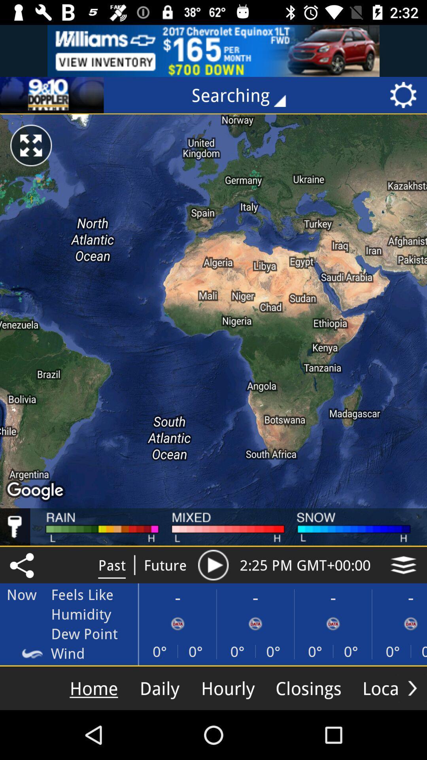  Describe the element at coordinates (403, 564) in the screenshot. I see `the layers icon` at that location.